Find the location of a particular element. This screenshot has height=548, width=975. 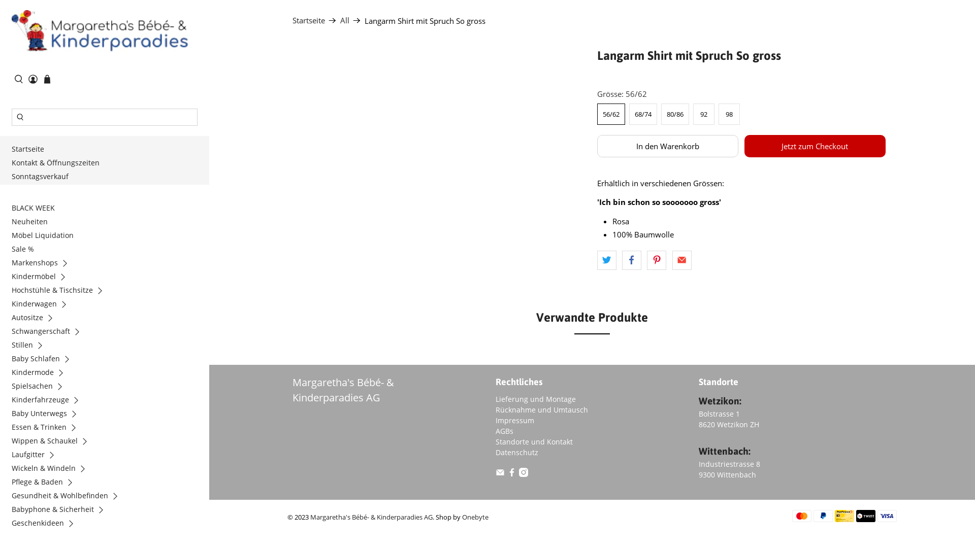

'Bolstrasse 1 is located at coordinates (728, 419).